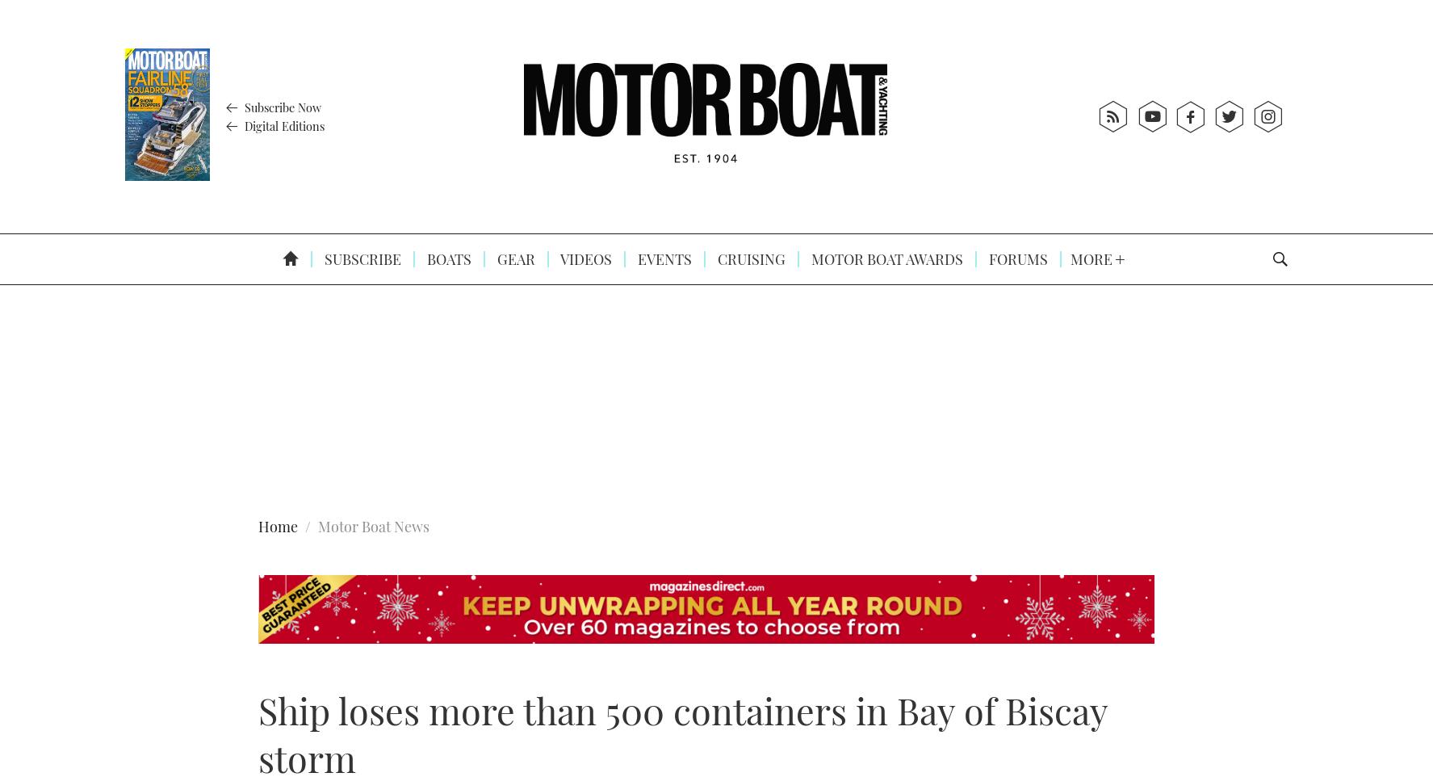  Describe the element at coordinates (661, 258) in the screenshot. I see `'Events'` at that location.